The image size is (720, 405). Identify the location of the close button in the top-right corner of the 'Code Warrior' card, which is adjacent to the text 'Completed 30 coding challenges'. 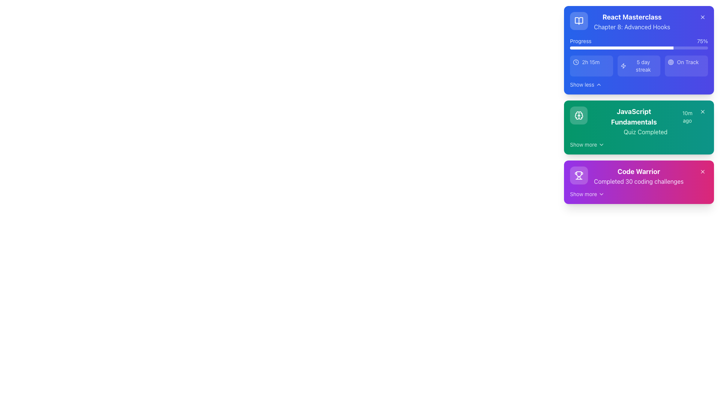
(702, 172).